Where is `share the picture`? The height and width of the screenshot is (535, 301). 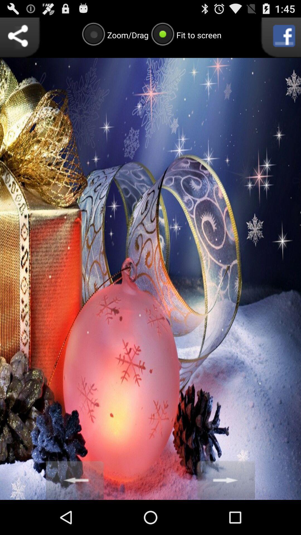 share the picture is located at coordinates (20, 37).